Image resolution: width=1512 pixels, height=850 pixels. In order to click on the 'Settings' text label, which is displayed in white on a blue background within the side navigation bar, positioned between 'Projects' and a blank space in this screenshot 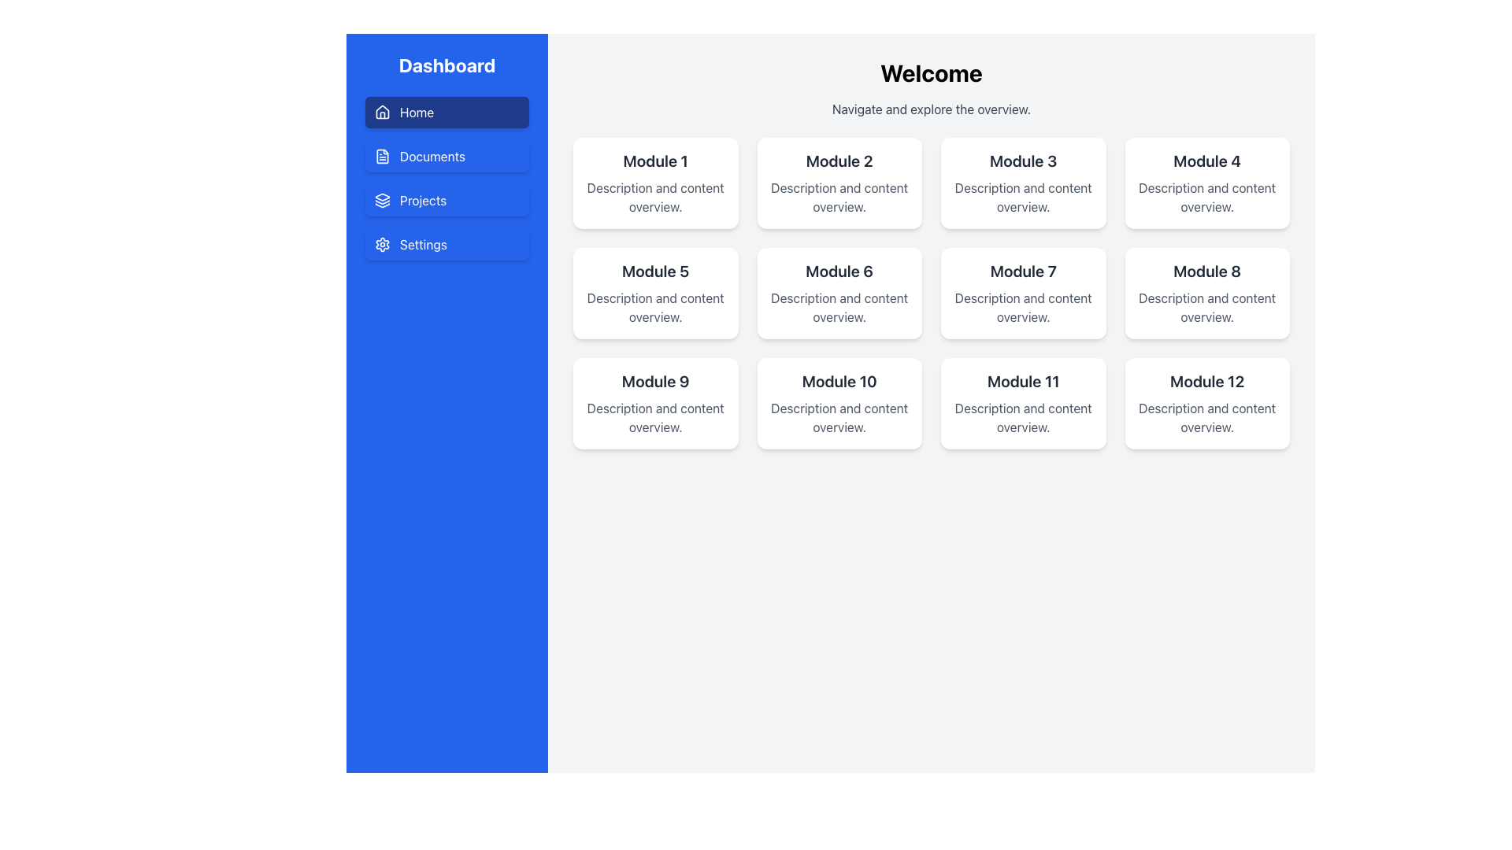, I will do `click(423, 245)`.